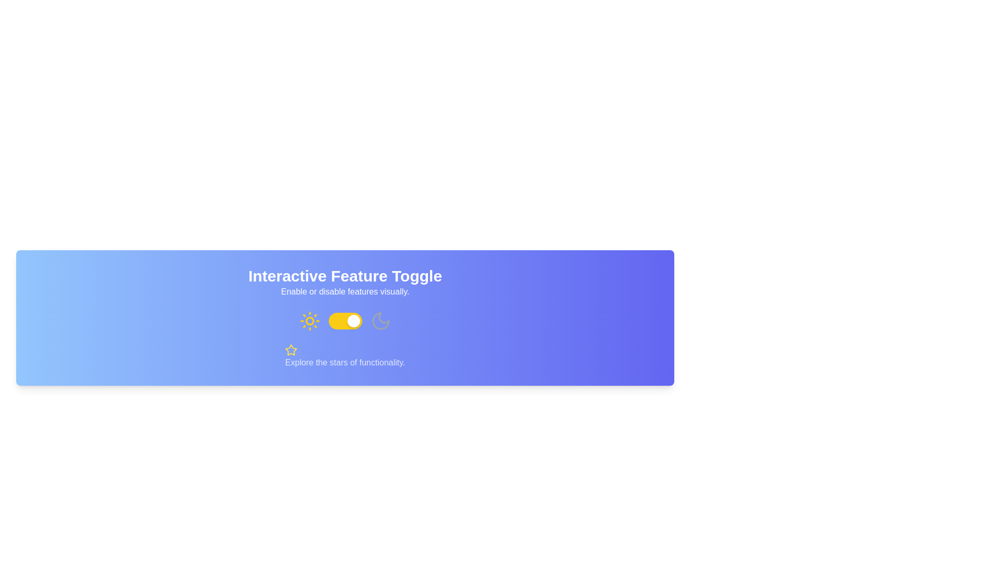 The image size is (1002, 563). Describe the element at coordinates (345, 321) in the screenshot. I see `the toggle switch located between the sun icon and moon icon under the heading 'Interactive Feature Toggle'` at that location.